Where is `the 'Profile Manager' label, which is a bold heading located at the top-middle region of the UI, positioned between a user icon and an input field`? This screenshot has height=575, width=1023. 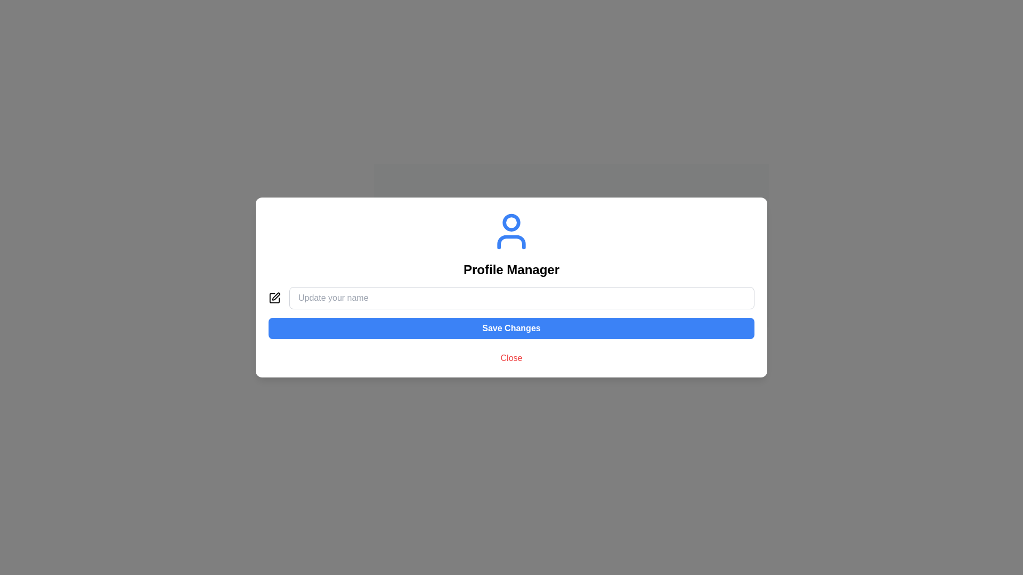 the 'Profile Manager' label, which is a bold heading located at the top-middle region of the UI, positioned between a user icon and an input field is located at coordinates (511, 269).